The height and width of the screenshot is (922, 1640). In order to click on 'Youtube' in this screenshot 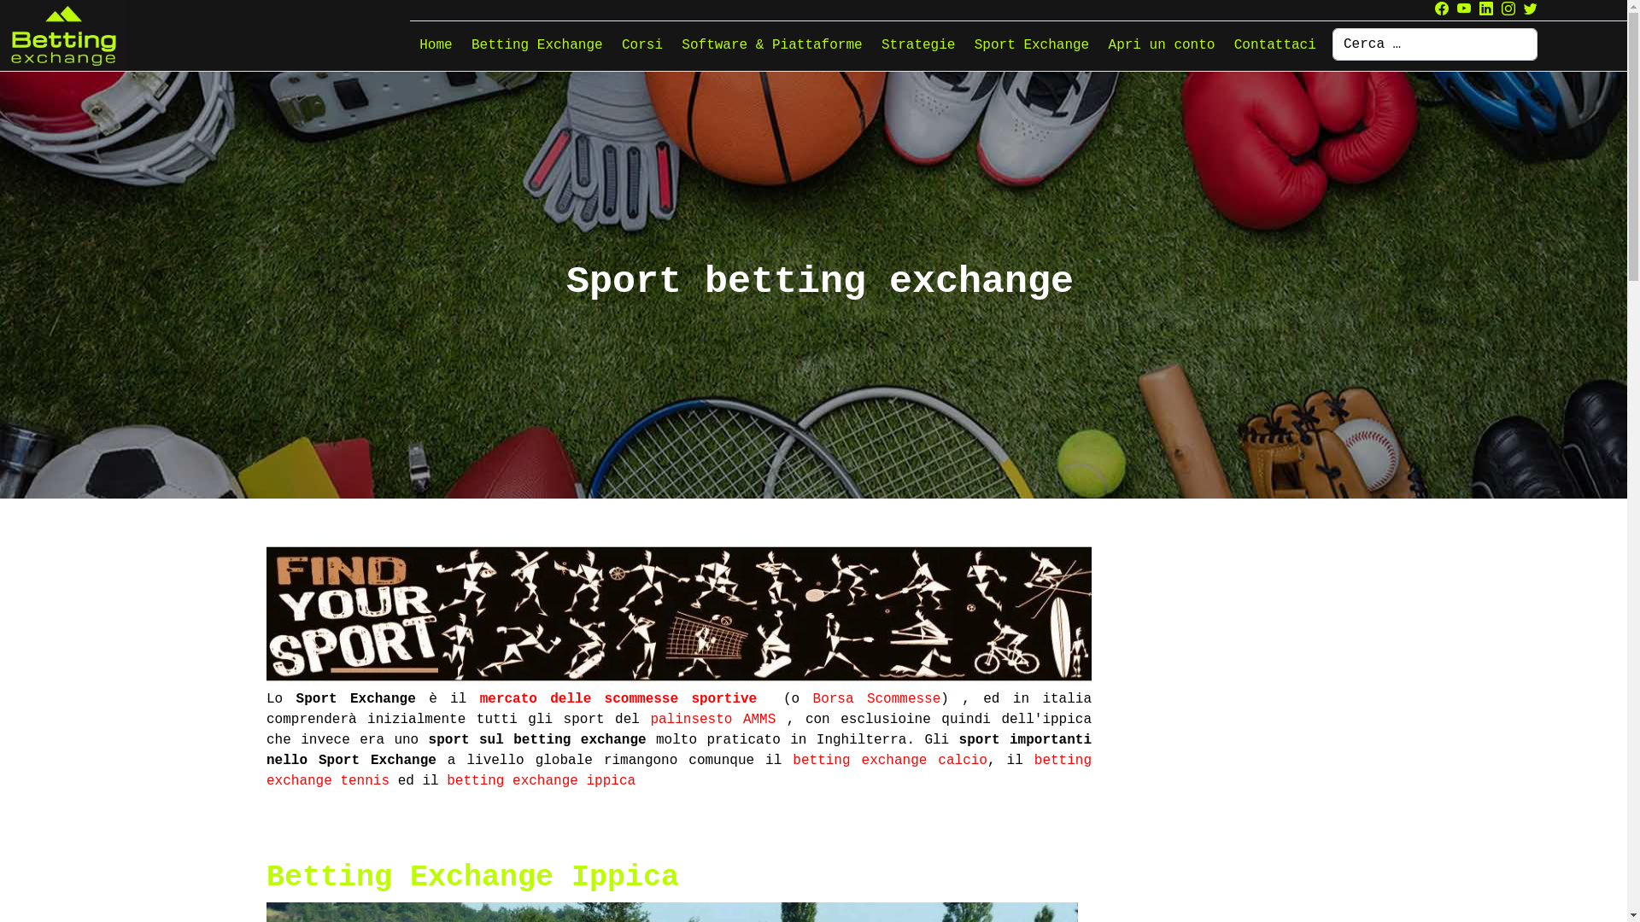, I will do `click(1462, 9)`.